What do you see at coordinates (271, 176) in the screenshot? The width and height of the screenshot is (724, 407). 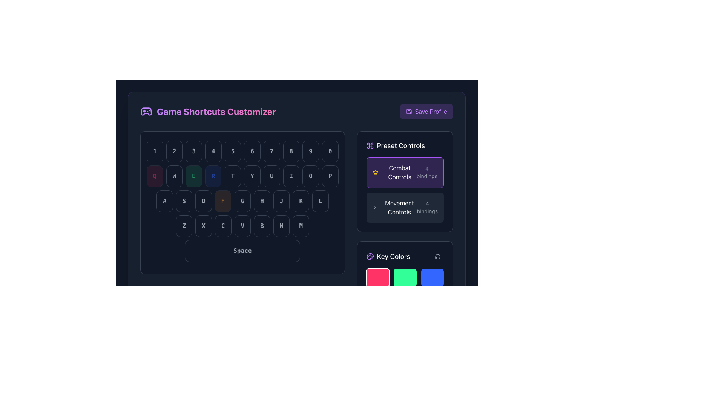 I see `the 'U' button in the virtual keyboard layout, which is located in the lower mid-section and is the fourth button in the row containing 'TYUIOP'` at bounding box center [271, 176].